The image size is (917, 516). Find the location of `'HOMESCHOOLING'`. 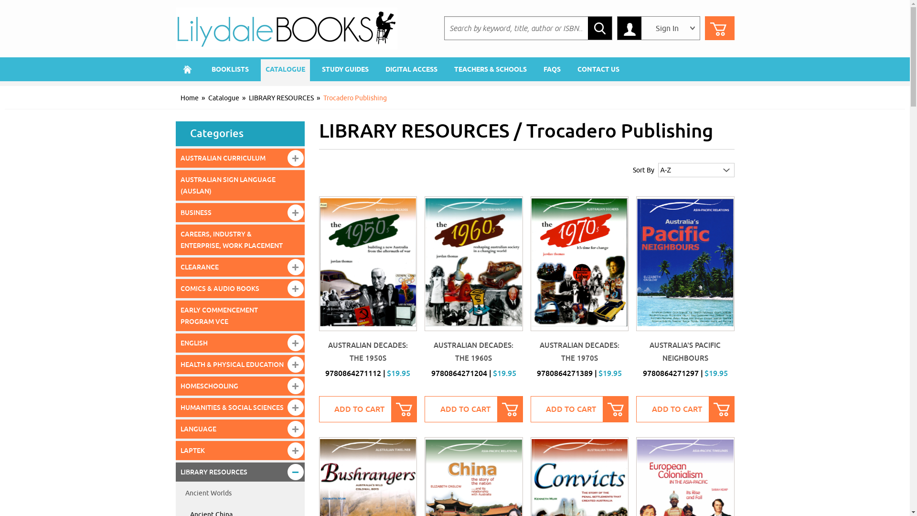

'HOMESCHOOLING' is located at coordinates (240, 385).